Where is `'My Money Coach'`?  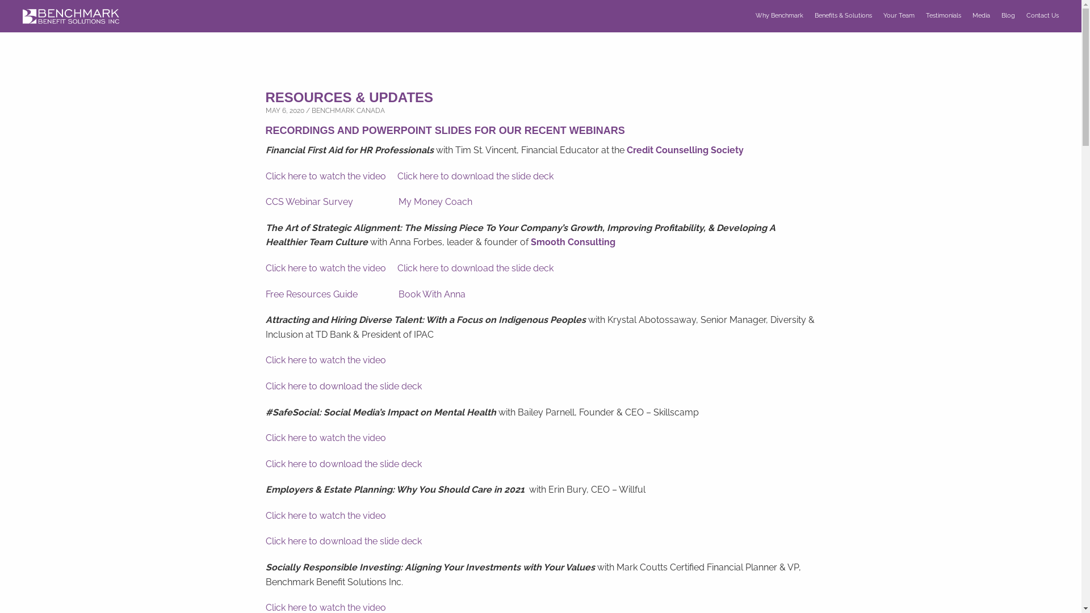
'My Money Coach' is located at coordinates (398, 201).